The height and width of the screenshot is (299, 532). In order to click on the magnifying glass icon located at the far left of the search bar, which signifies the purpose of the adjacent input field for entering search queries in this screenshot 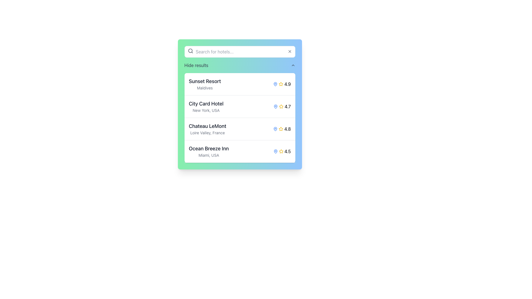, I will do `click(190, 51)`.